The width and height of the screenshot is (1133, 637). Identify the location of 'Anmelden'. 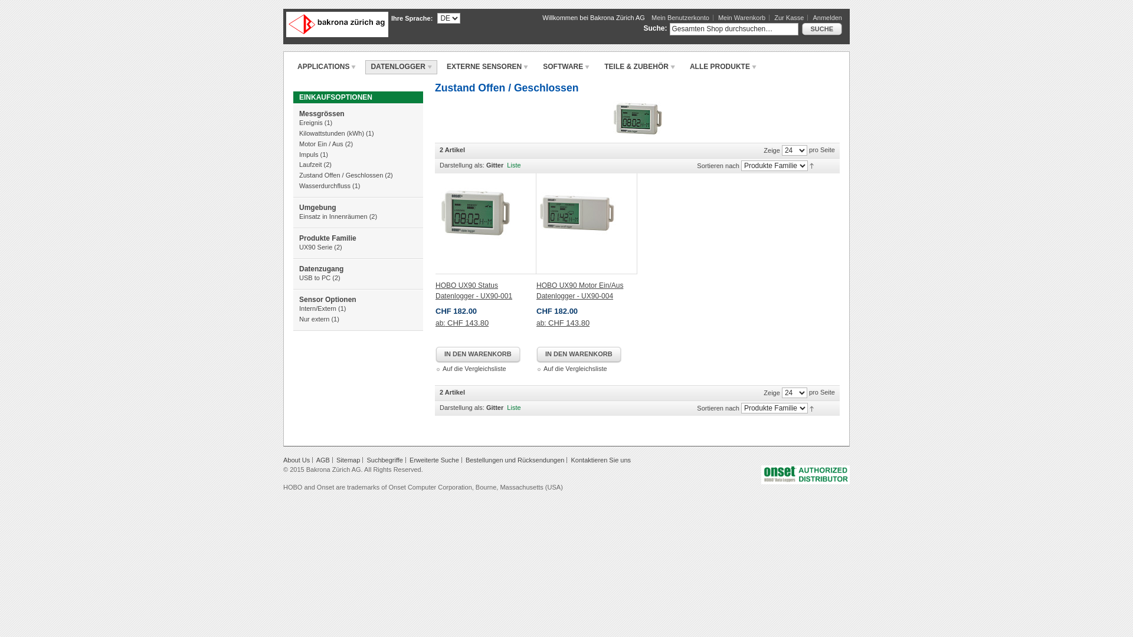
(826, 18).